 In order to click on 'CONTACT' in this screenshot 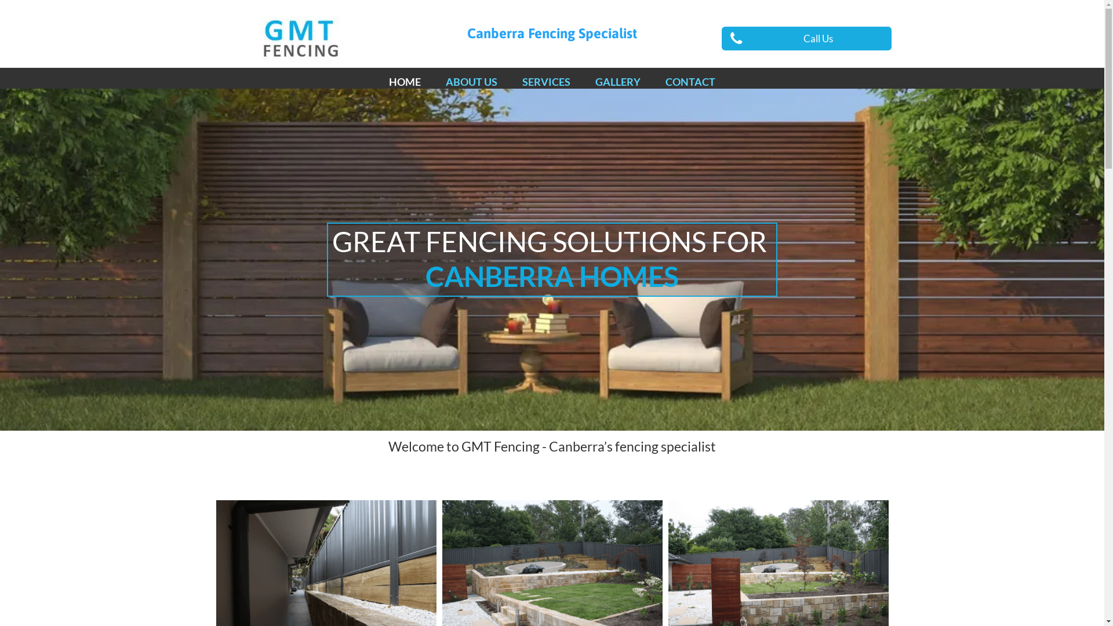, I will do `click(665, 81)`.